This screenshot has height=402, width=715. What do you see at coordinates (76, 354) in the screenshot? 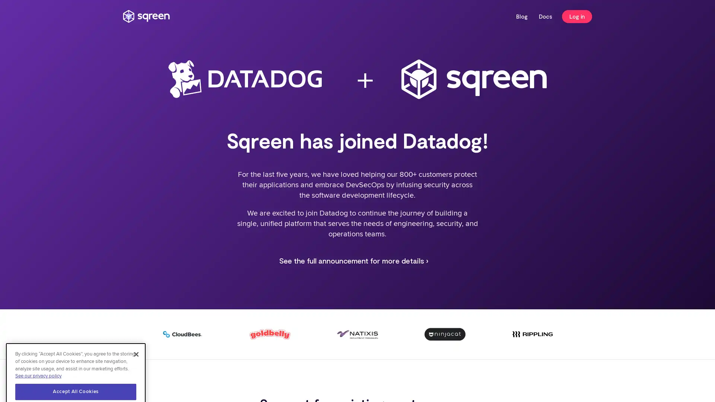
I see `Accept All Cookies` at bounding box center [76, 354].